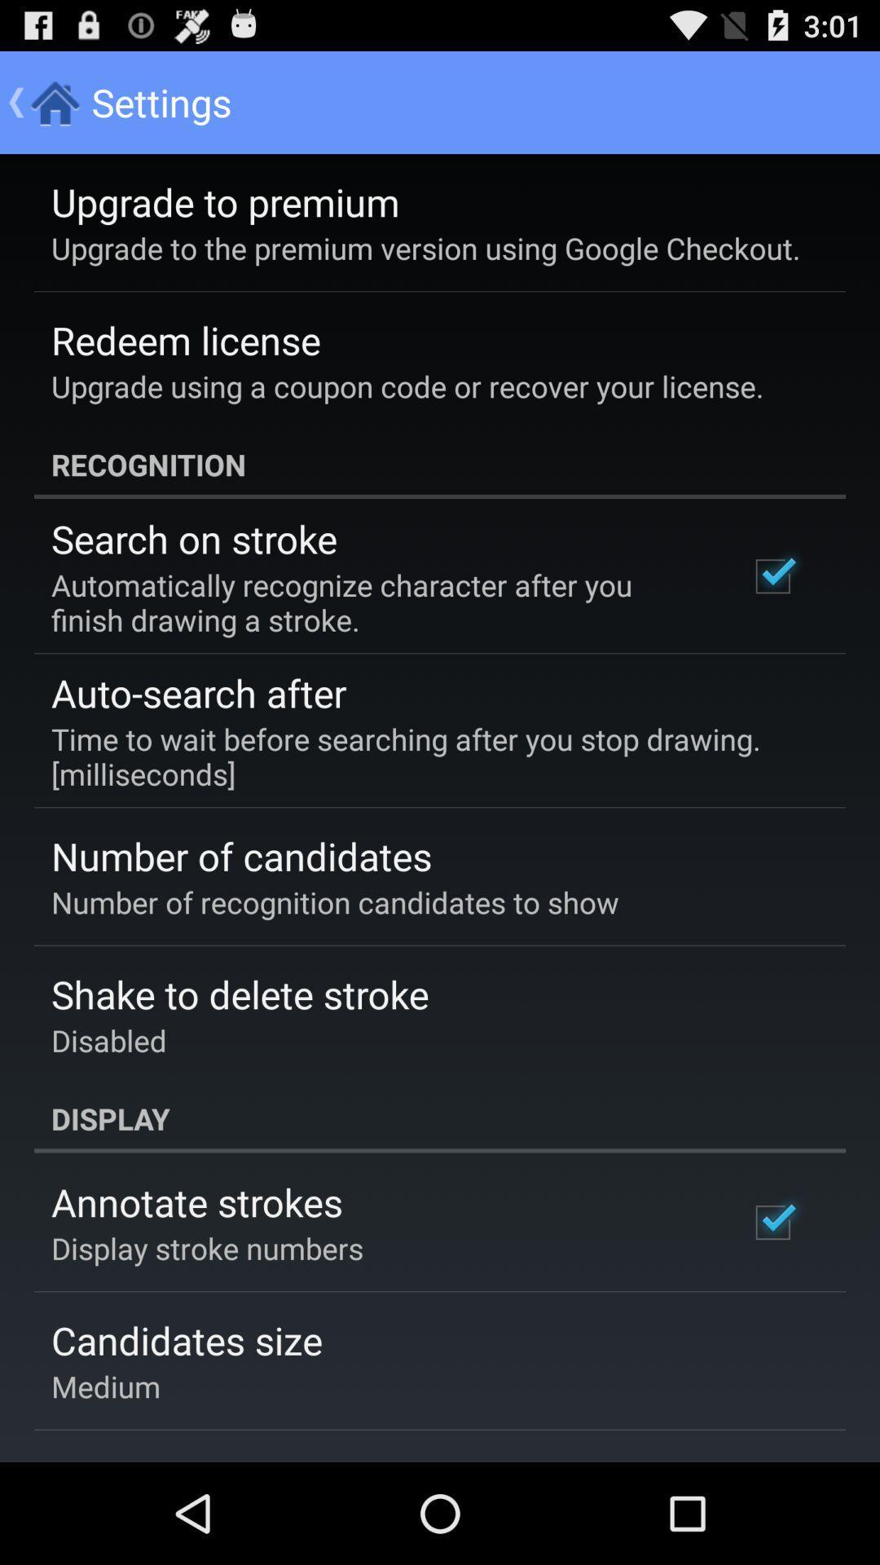 The image size is (880, 1565). Describe the element at coordinates (198, 693) in the screenshot. I see `the auto-search after app` at that location.